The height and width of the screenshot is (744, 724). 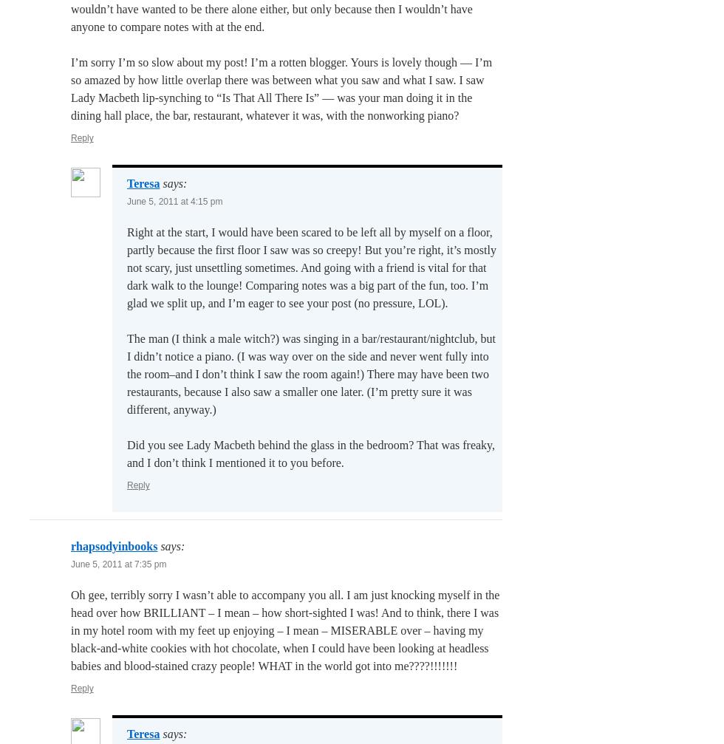 I want to click on 'rhapsodyinbooks', so click(x=114, y=545).